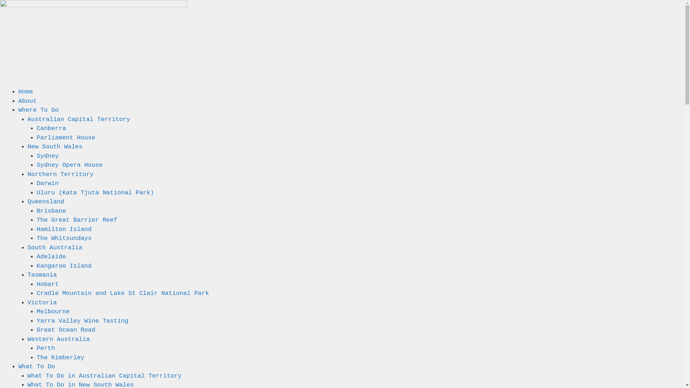  Describe the element at coordinates (77, 220) in the screenshot. I see `'The Great Barrier Reef'` at that location.